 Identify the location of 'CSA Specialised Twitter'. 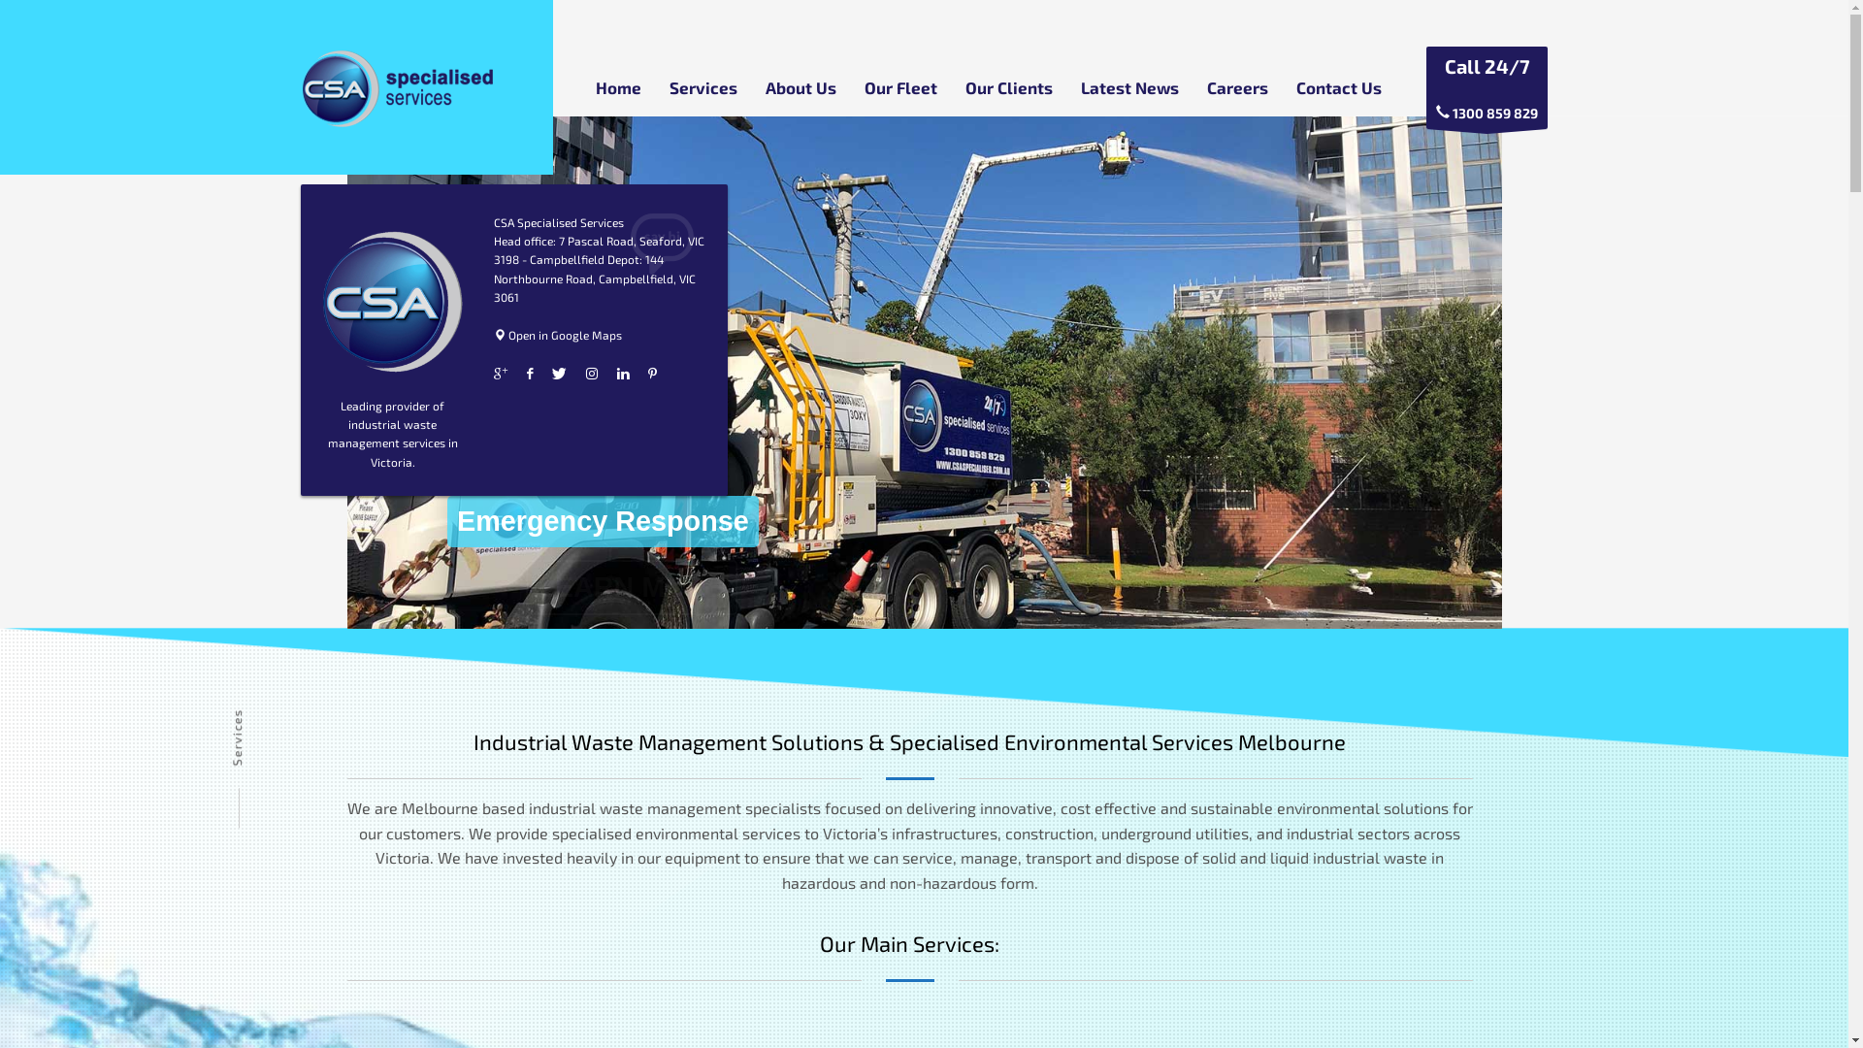
(558, 374).